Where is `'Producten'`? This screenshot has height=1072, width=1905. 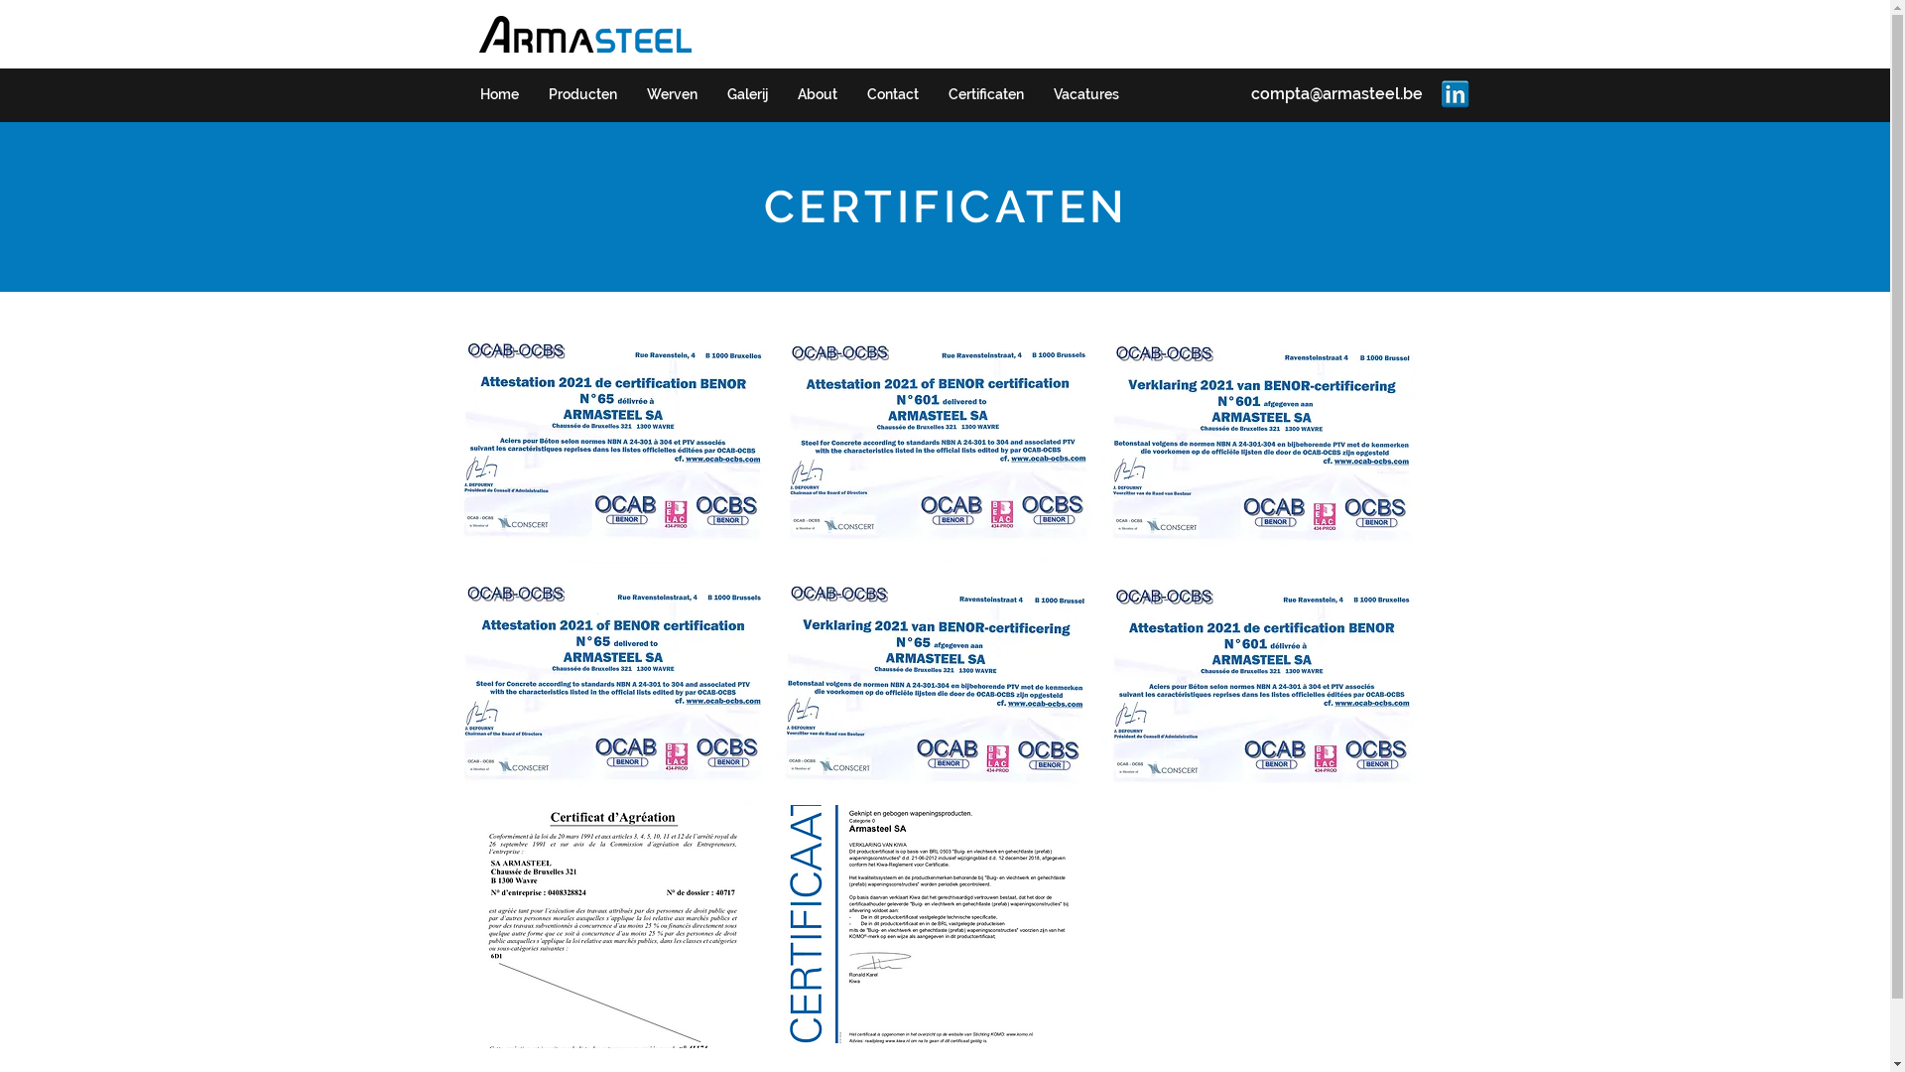
'Producten' is located at coordinates (533, 94).